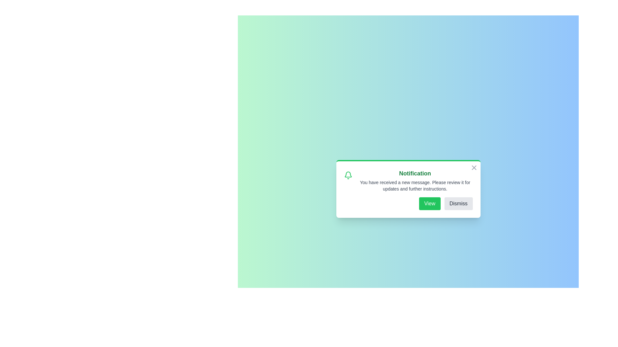 This screenshot has height=347, width=618. Describe the element at coordinates (458, 203) in the screenshot. I see `the 'Dismiss' button to close the notification` at that location.